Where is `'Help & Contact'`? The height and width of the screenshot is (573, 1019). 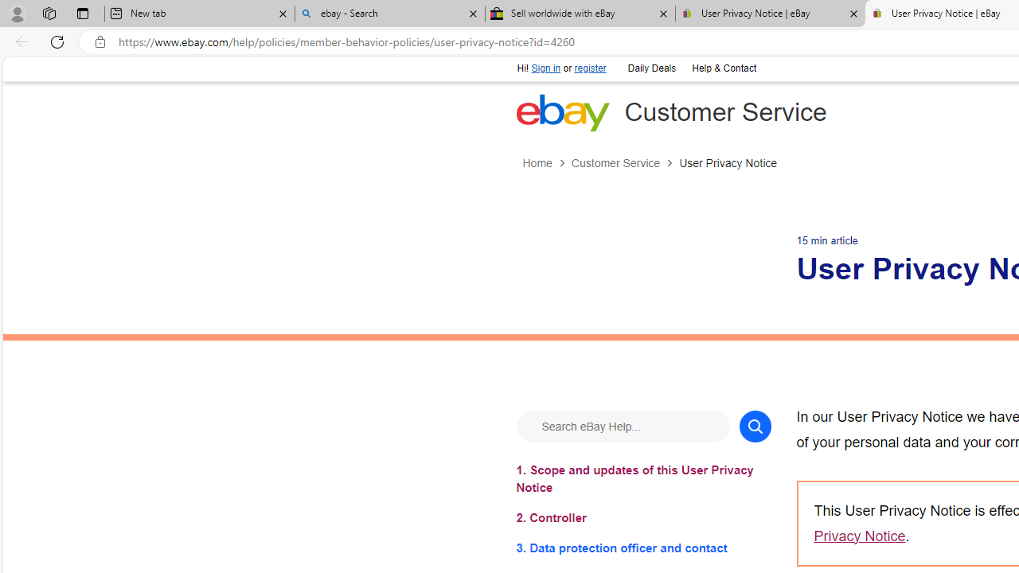 'Help & Contact' is located at coordinates (723, 68).